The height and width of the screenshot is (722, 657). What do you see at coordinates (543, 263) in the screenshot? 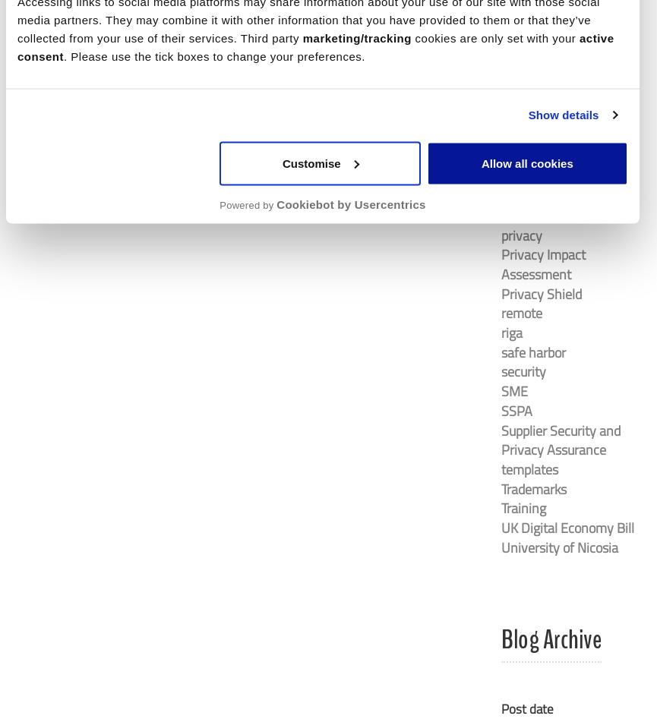
I see `'Privacy Impact Assessment'` at bounding box center [543, 263].